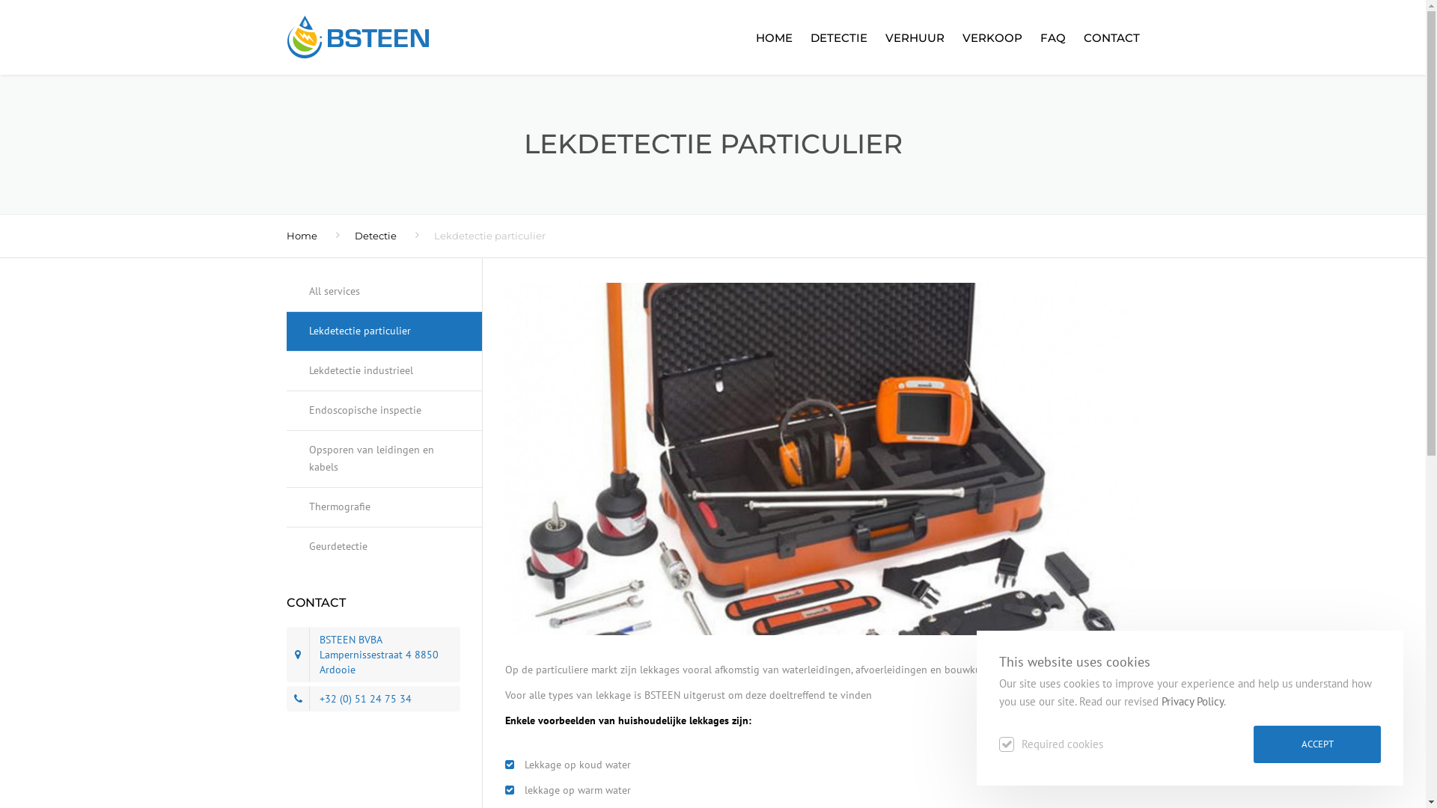 The height and width of the screenshot is (808, 1437). Describe the element at coordinates (992, 37) in the screenshot. I see `'VERKOOP'` at that location.